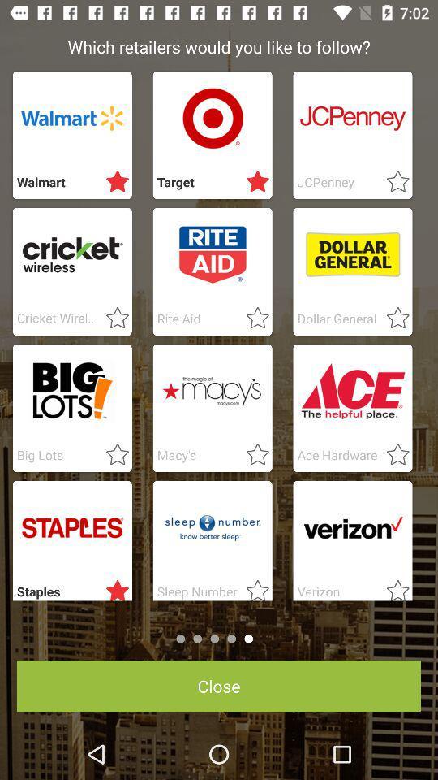 The height and width of the screenshot is (780, 438). What do you see at coordinates (392, 182) in the screenshot?
I see `jcpenney option` at bounding box center [392, 182].